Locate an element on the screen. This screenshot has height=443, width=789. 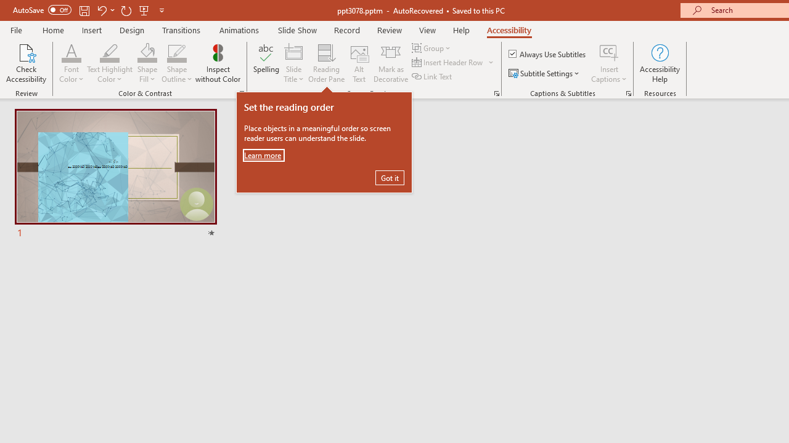
'Accessibility Help' is located at coordinates (659, 63).